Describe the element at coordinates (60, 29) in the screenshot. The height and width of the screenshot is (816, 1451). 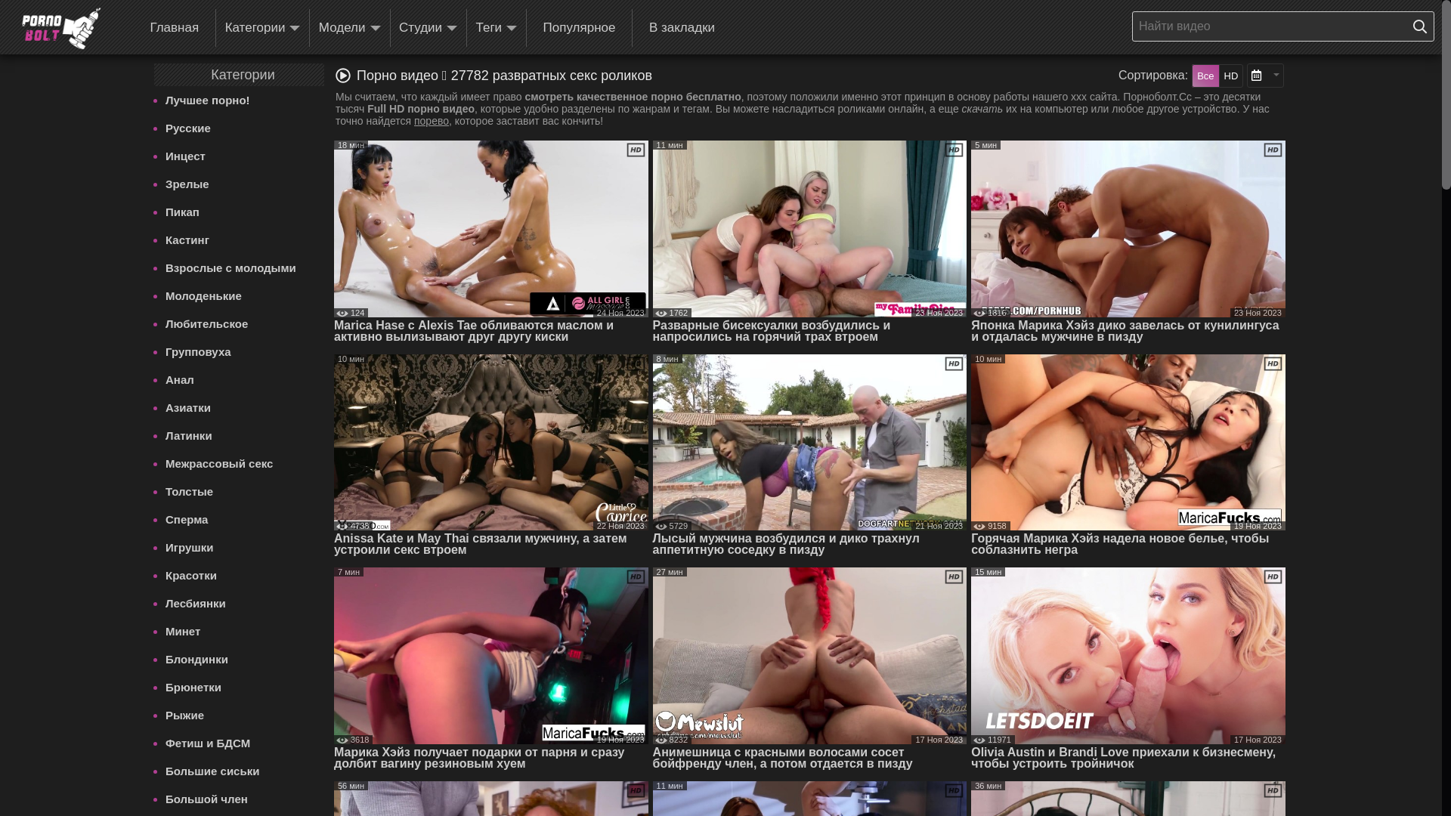
I see `'Pornobolt'` at that location.